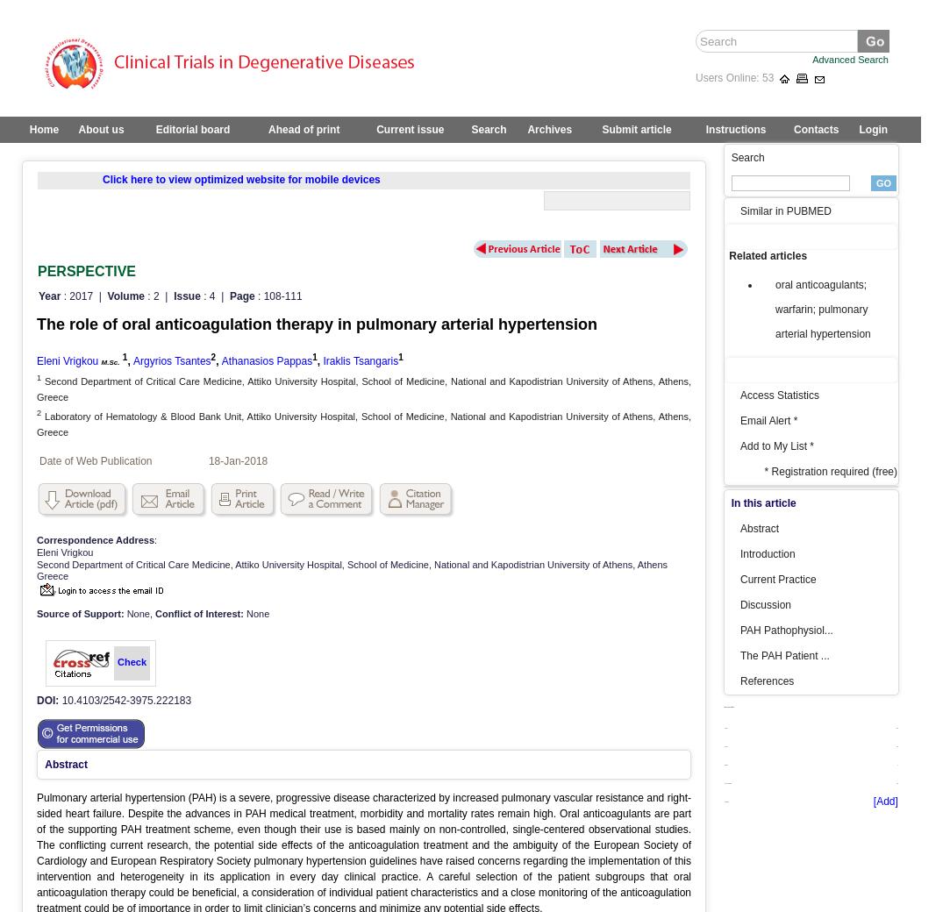 The height and width of the screenshot is (912, 950). I want to click on 'Ahead of print', so click(303, 129).